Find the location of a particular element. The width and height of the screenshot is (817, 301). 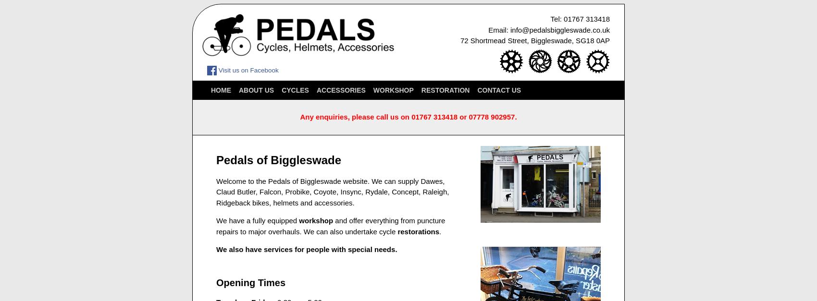

'.' is located at coordinates (440, 230).